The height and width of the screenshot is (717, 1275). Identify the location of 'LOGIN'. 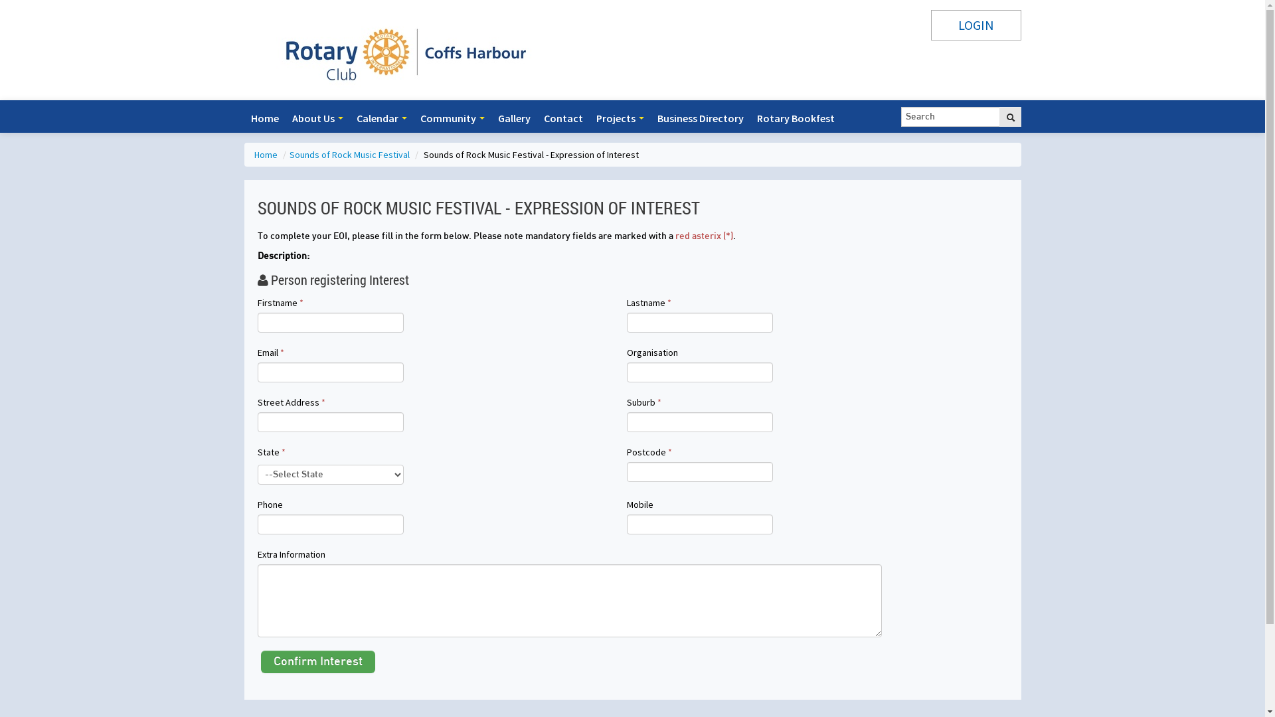
(976, 25).